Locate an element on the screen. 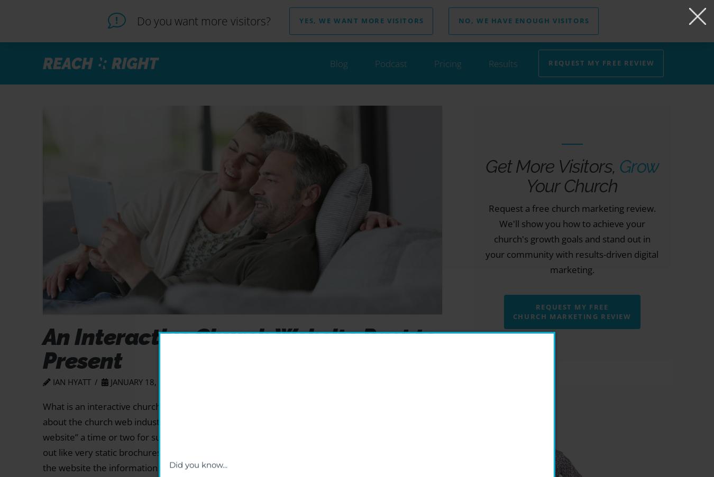  'Local SEO' is located at coordinates (442, 120).